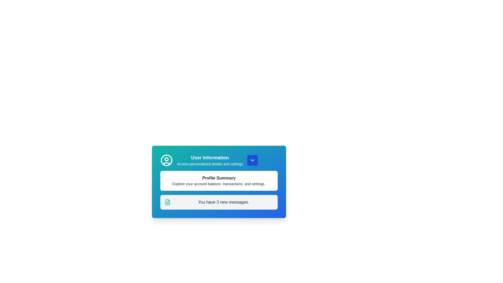 This screenshot has width=503, height=283. Describe the element at coordinates (210, 157) in the screenshot. I see `the 'User Information' text label, which is a bold and large-sized heading on a gradient blue background` at that location.